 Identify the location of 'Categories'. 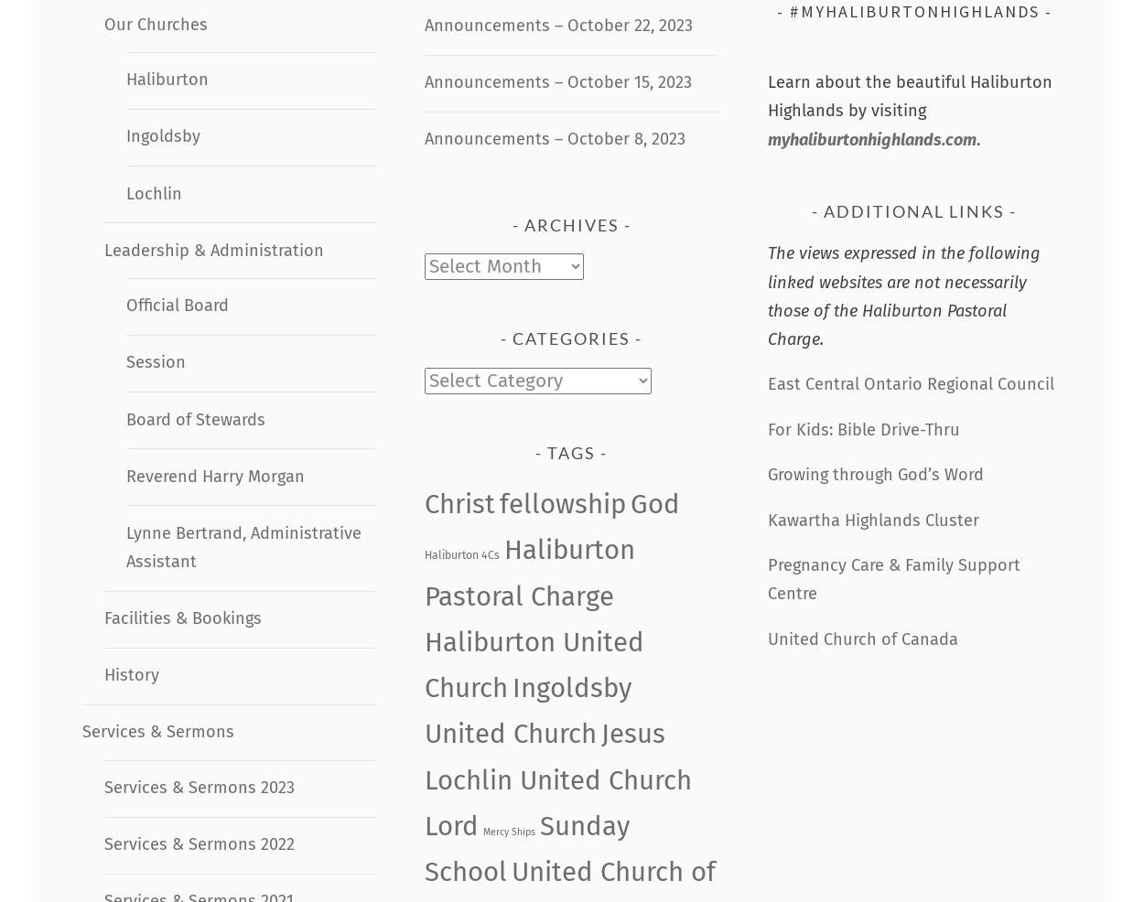
(570, 338).